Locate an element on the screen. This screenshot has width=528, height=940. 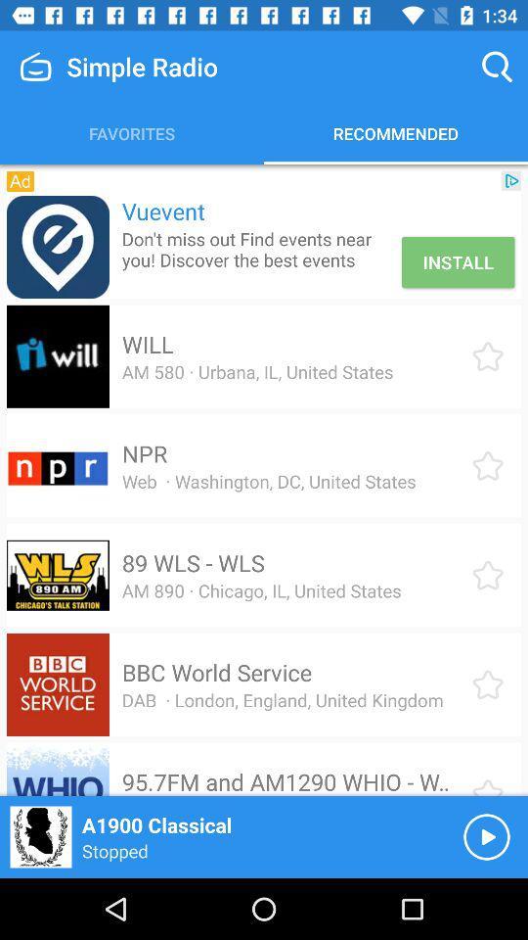
the icon above npr is located at coordinates (257, 370).